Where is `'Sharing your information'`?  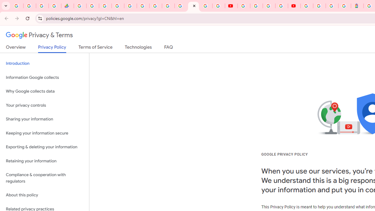 'Sharing your information' is located at coordinates (44, 119).